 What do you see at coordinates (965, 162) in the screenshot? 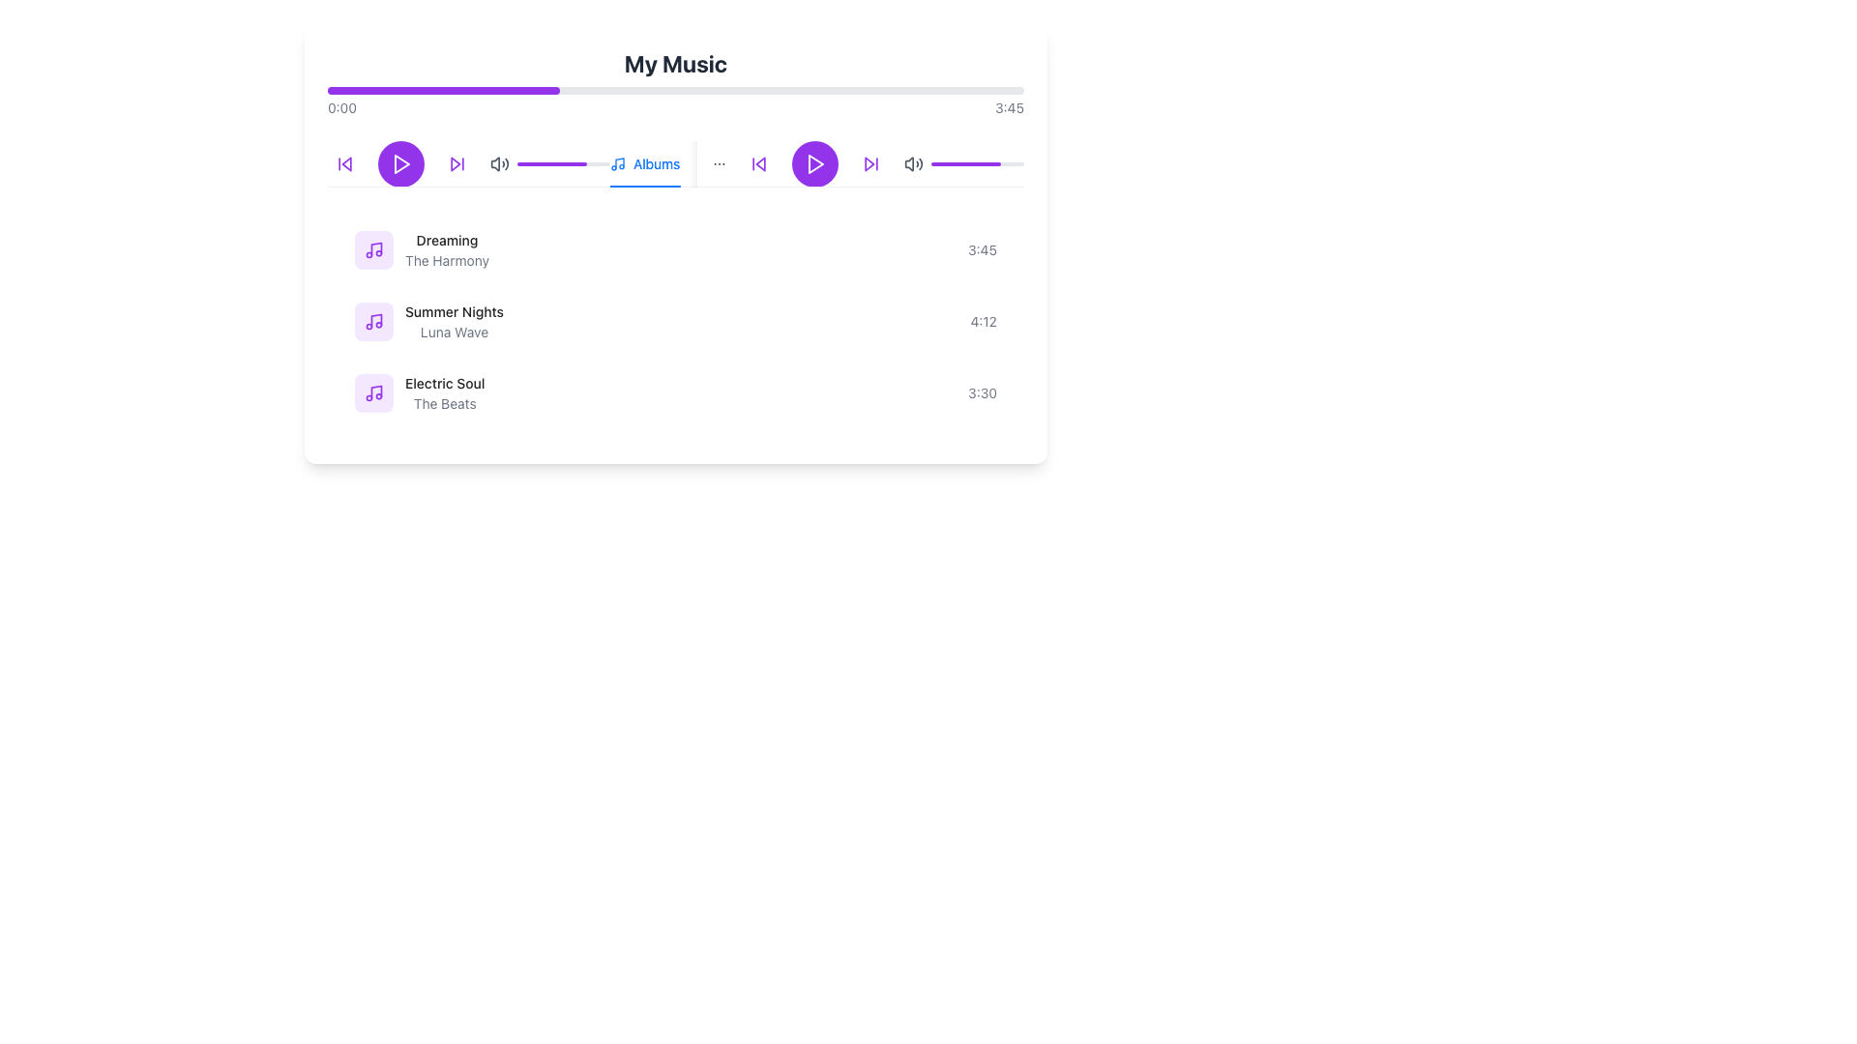
I see `the purple progress bar located below the title 'My Music', which is three-quarters filled and positioned within a light gray background` at bounding box center [965, 162].